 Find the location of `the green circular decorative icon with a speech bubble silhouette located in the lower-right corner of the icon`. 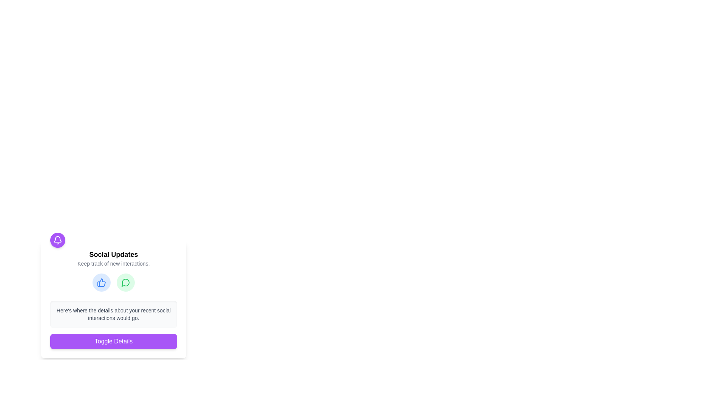

the green circular decorative icon with a speech bubble silhouette located in the lower-right corner of the icon is located at coordinates (125, 283).